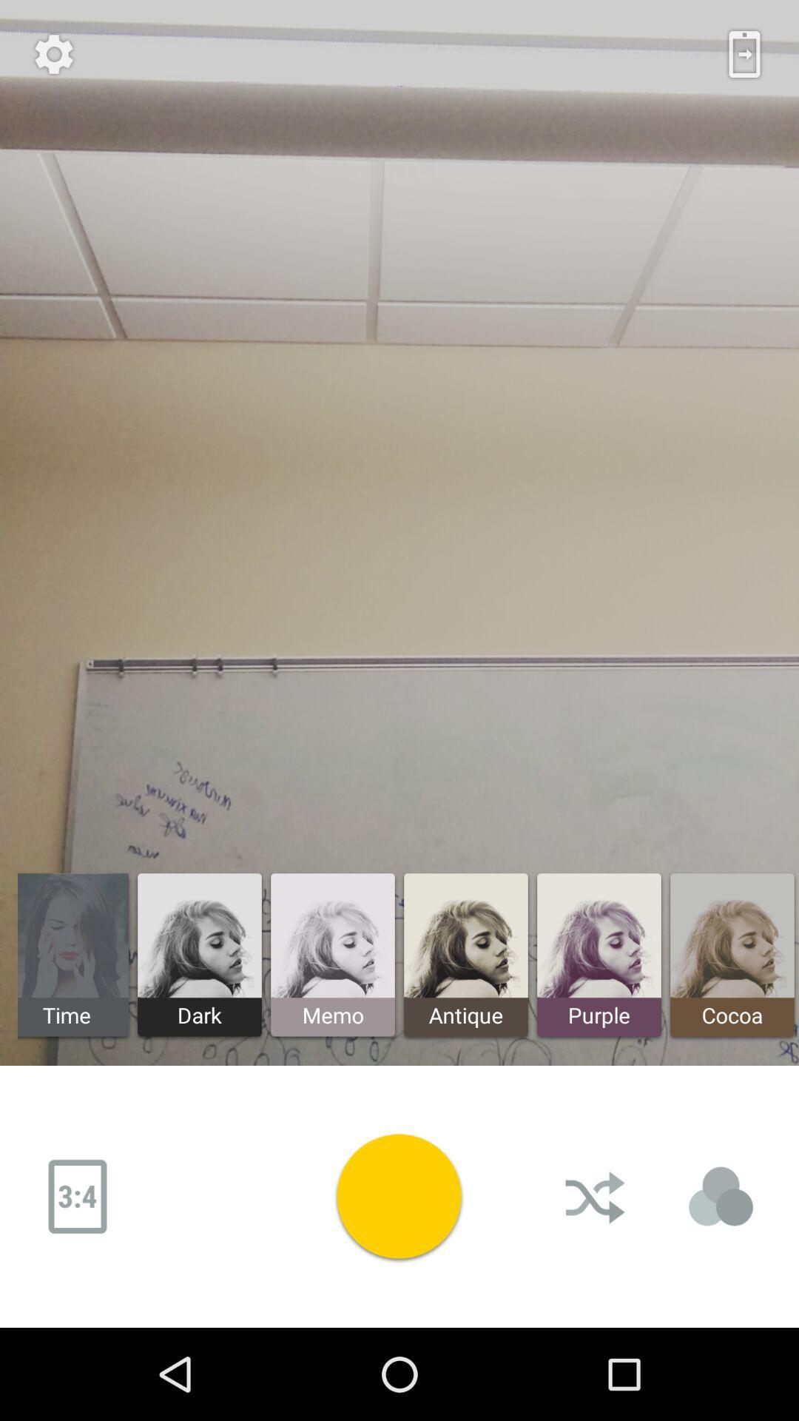 Image resolution: width=799 pixels, height=1421 pixels. What do you see at coordinates (77, 1197) in the screenshot?
I see `image ratio icon` at bounding box center [77, 1197].